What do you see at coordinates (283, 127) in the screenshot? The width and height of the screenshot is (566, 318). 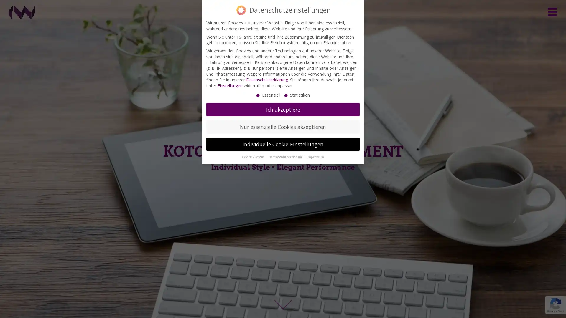 I see `Nur essenzielle Cookies akzeptieren` at bounding box center [283, 127].